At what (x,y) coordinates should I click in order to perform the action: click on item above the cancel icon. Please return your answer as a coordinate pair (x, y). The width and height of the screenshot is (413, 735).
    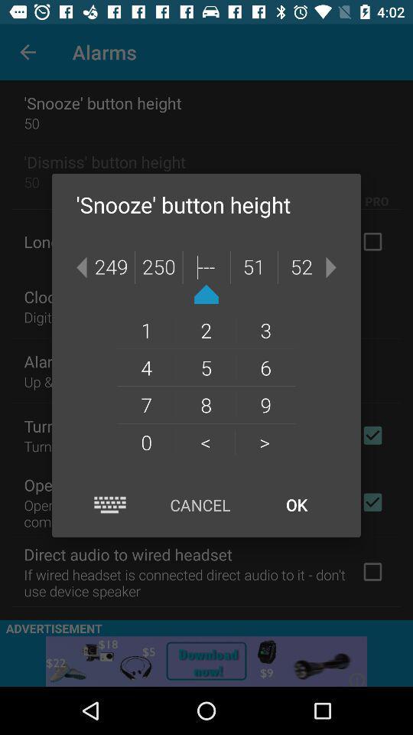
    Looking at the image, I should click on (264, 442).